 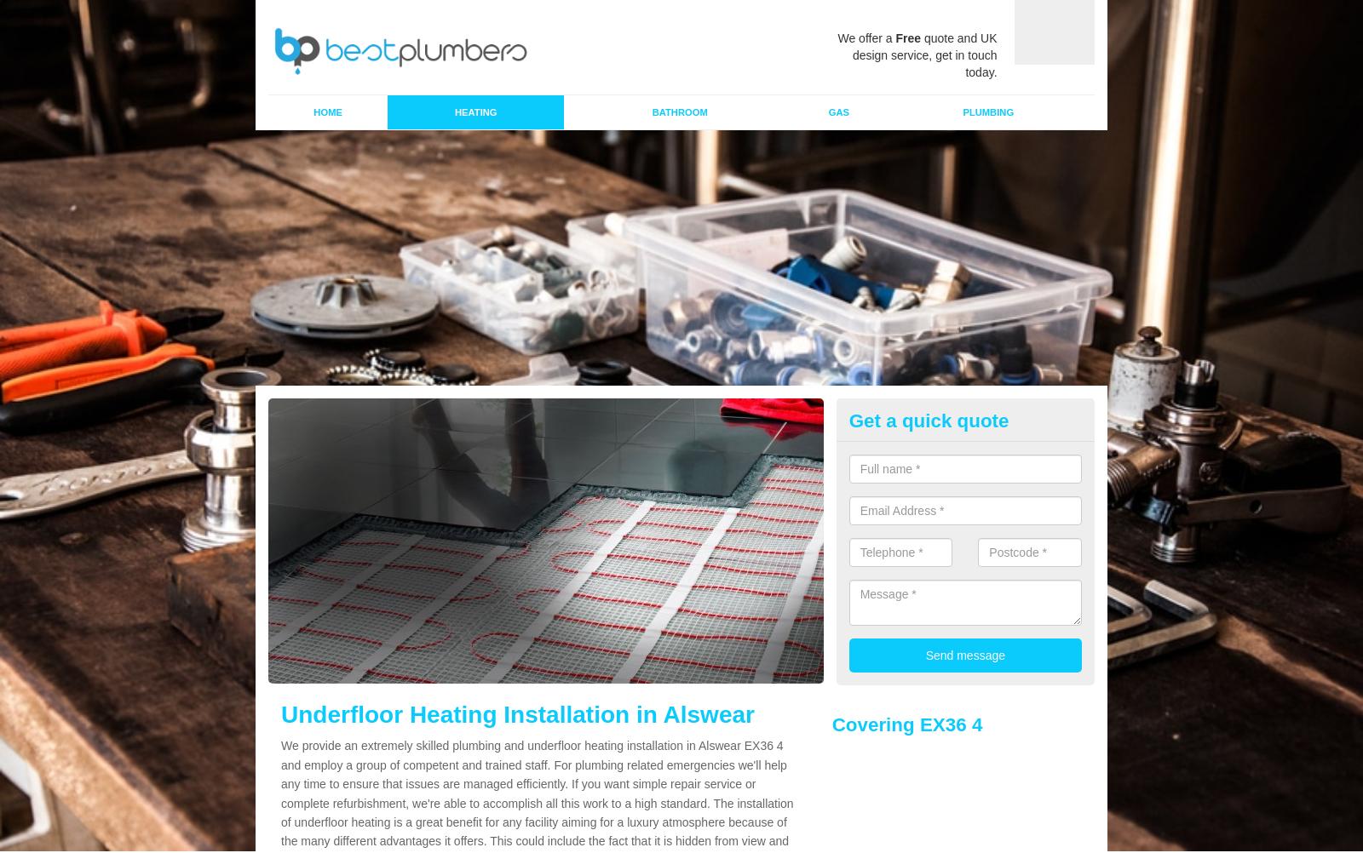 I want to click on 'Underfloor Warmth Generator in Alswear', so click(x=520, y=717).